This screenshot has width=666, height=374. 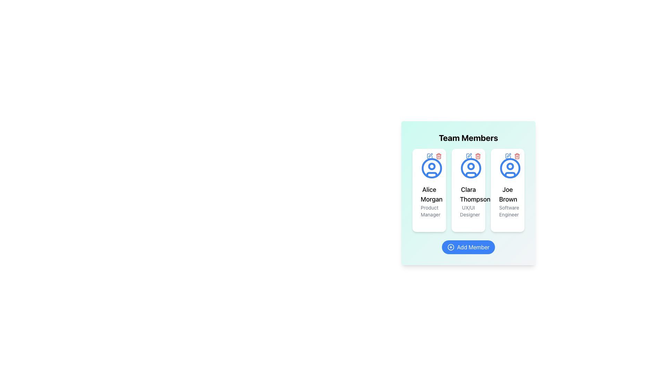 What do you see at coordinates (468, 247) in the screenshot?
I see `the interactive button located at the bottom center of the 'Team Members' panel` at bounding box center [468, 247].